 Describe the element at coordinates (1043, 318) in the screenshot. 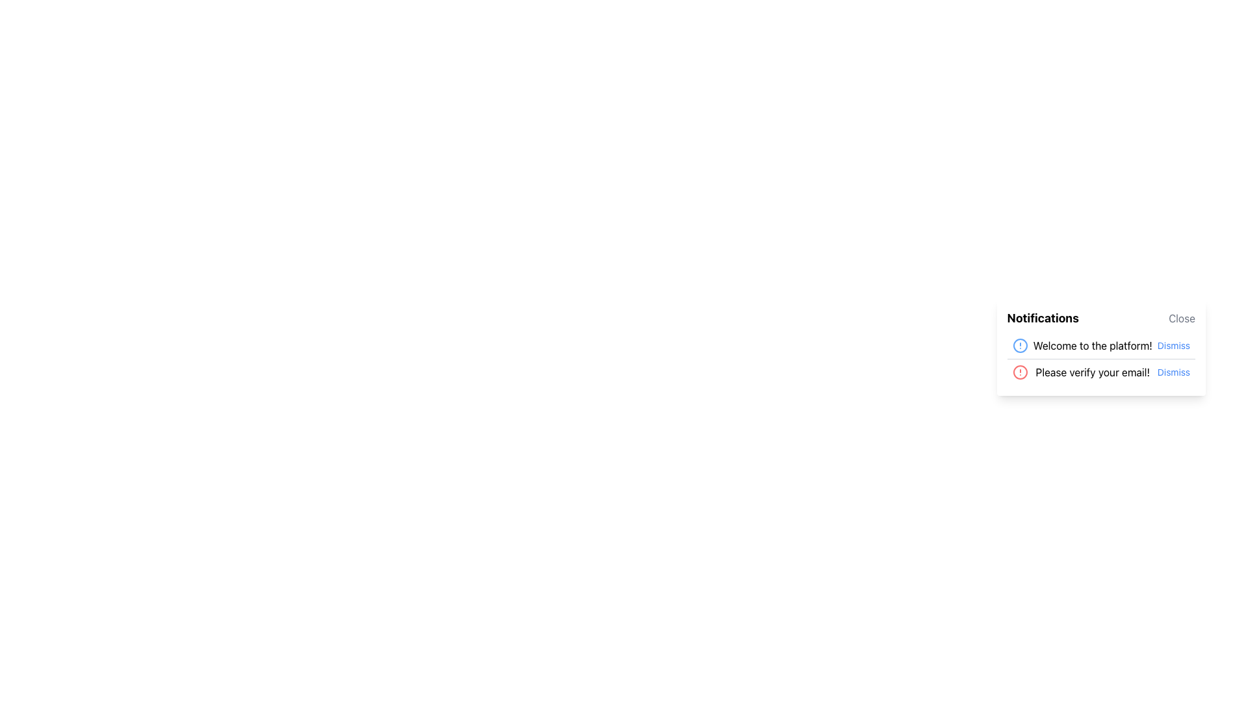

I see `the Text Label that serves` at that location.